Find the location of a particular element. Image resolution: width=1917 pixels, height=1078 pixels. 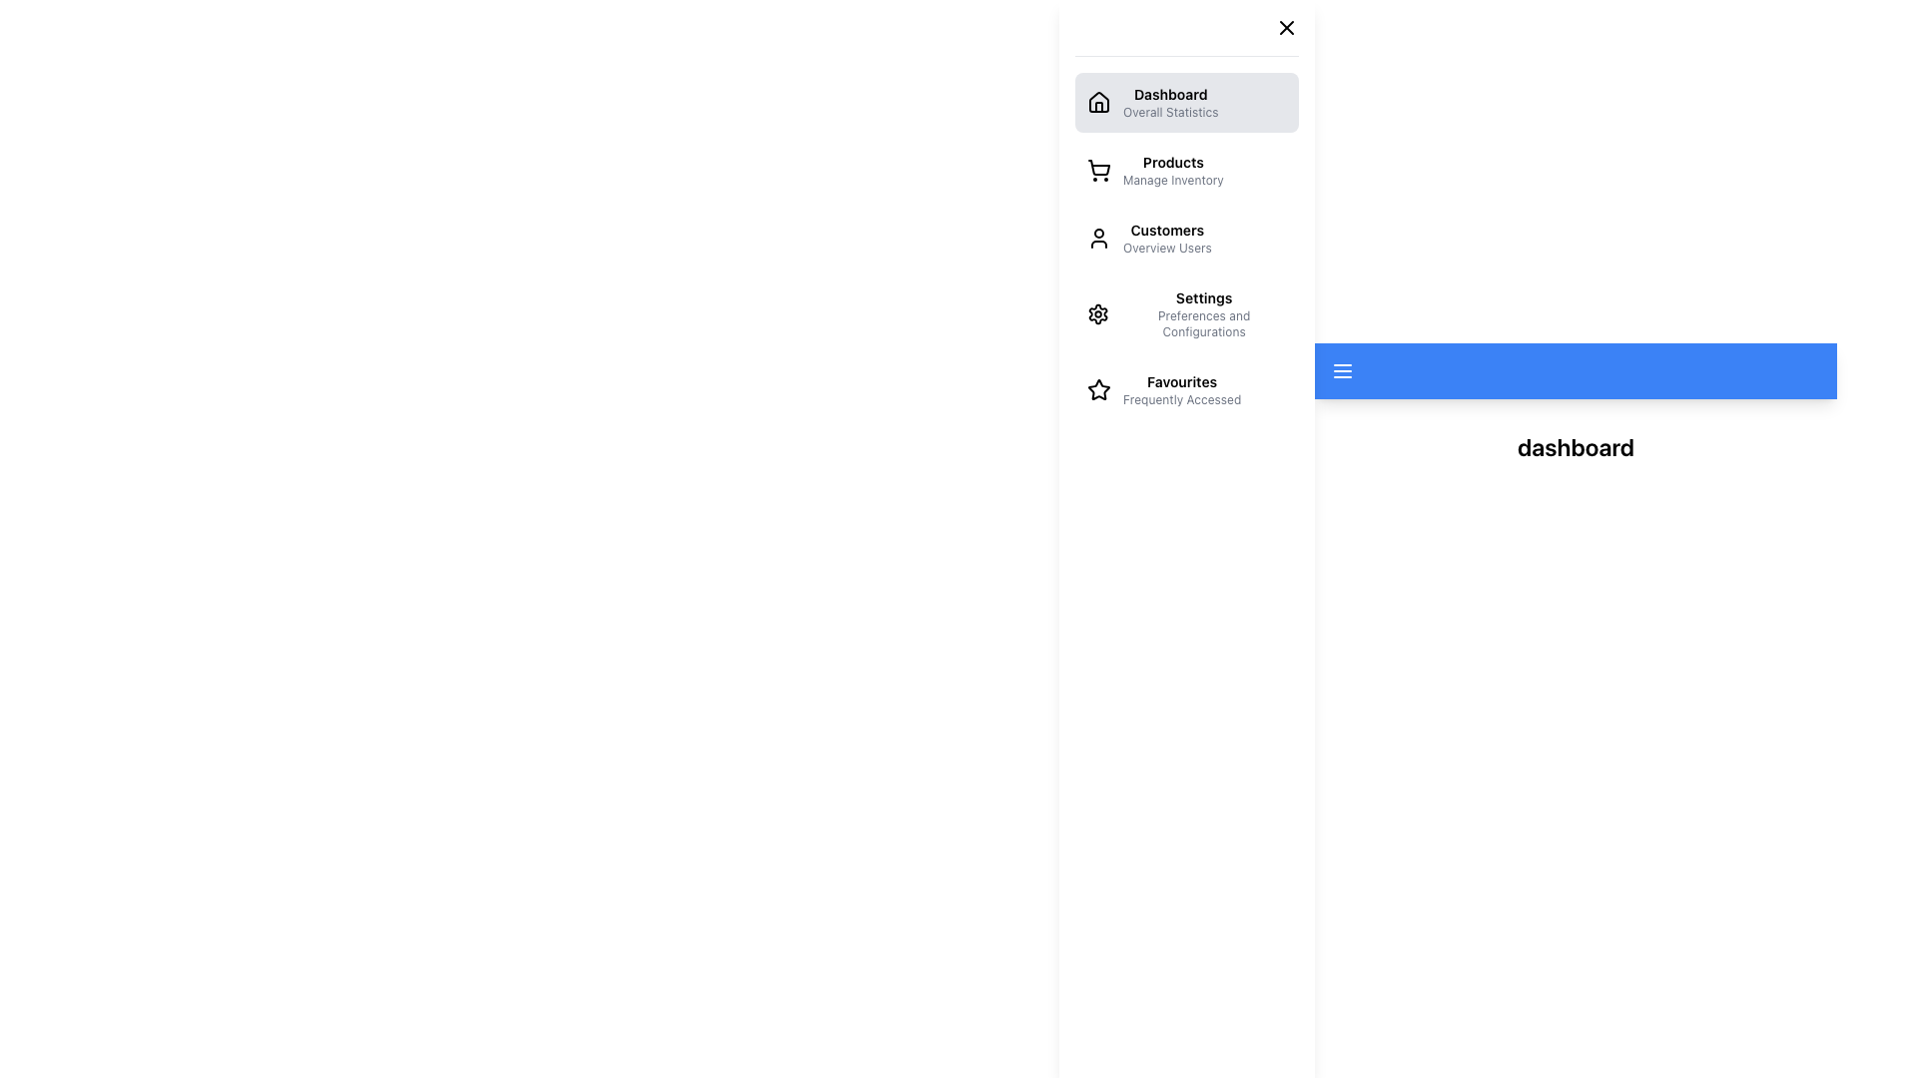

the star-shaped icon with a hollow outline located in the 'Favourites' menu item on the left-hand side navigation menu is located at coordinates (1097, 389).